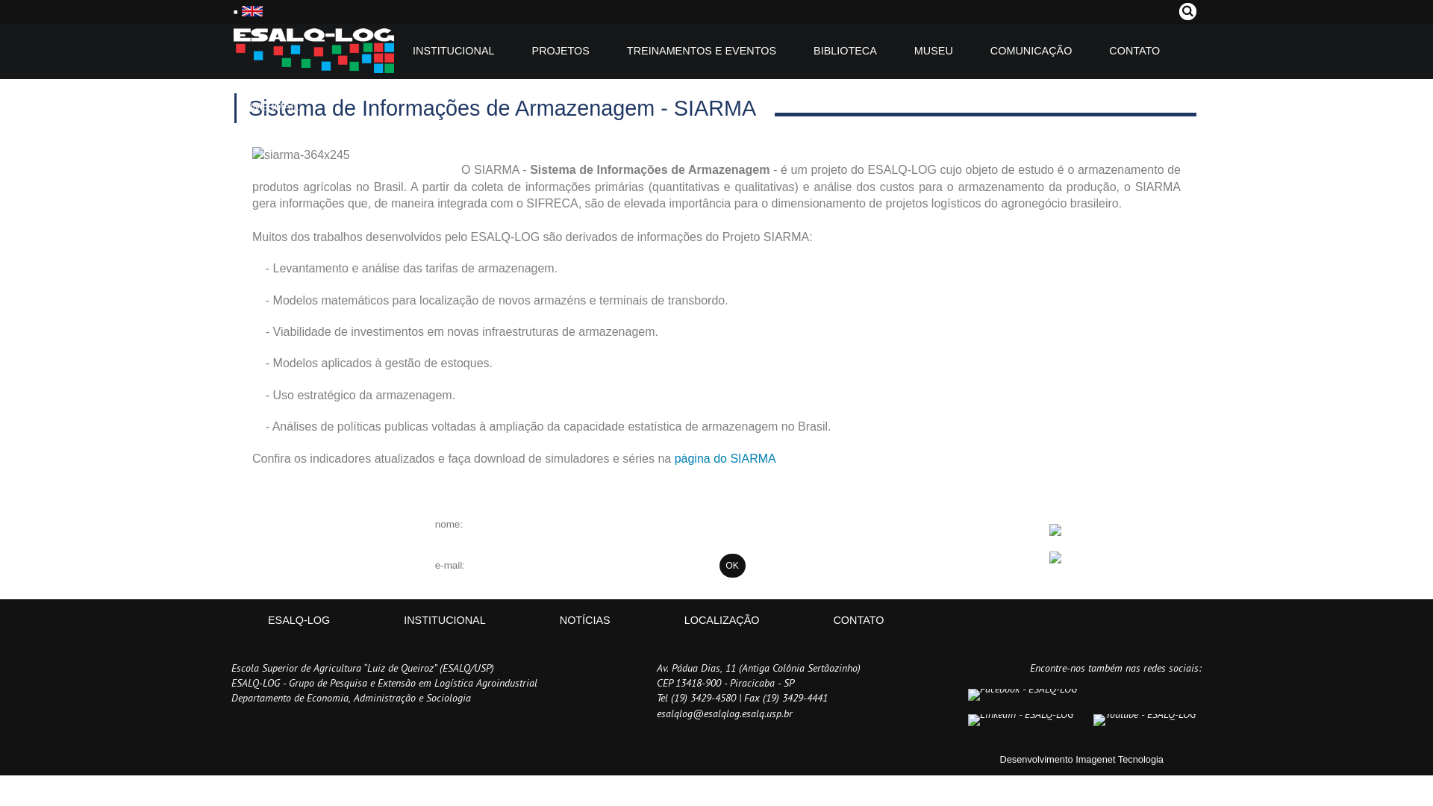 The height and width of the screenshot is (806, 1433). Describe the element at coordinates (1087, 560) in the screenshot. I see `'Google Play'` at that location.